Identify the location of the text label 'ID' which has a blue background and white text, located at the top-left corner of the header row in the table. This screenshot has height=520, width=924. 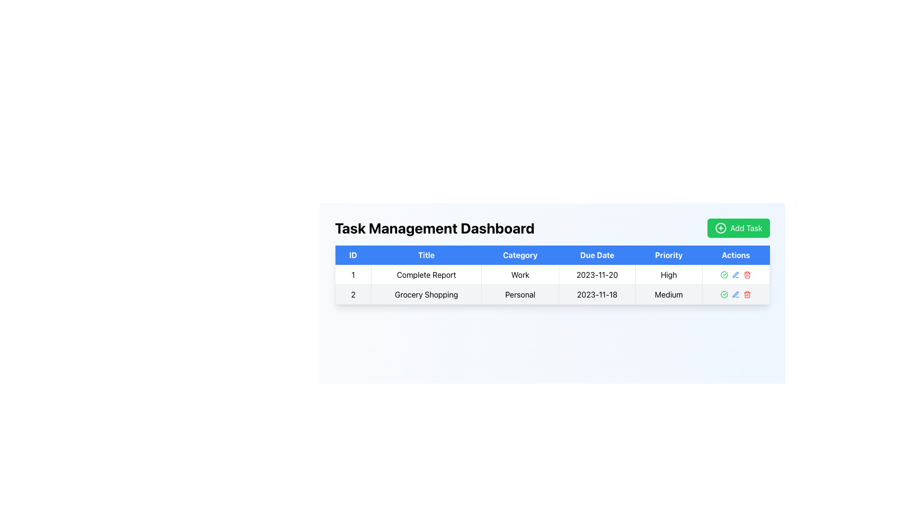
(353, 255).